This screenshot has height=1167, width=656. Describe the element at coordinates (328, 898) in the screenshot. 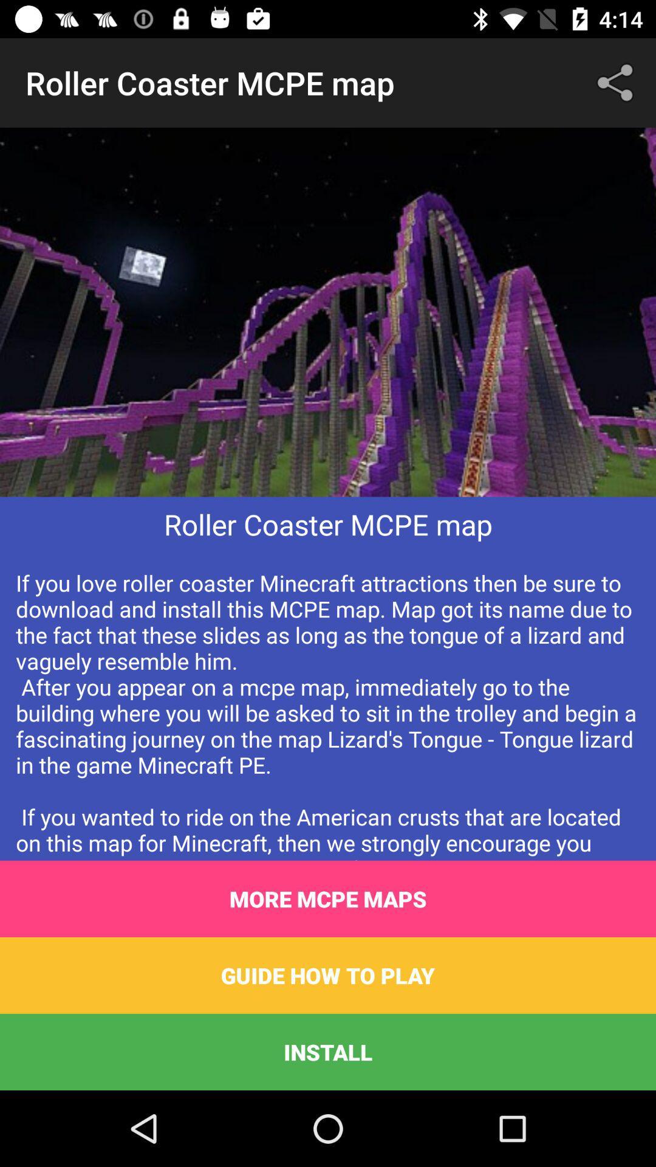

I see `more mcpe maps icon` at that location.